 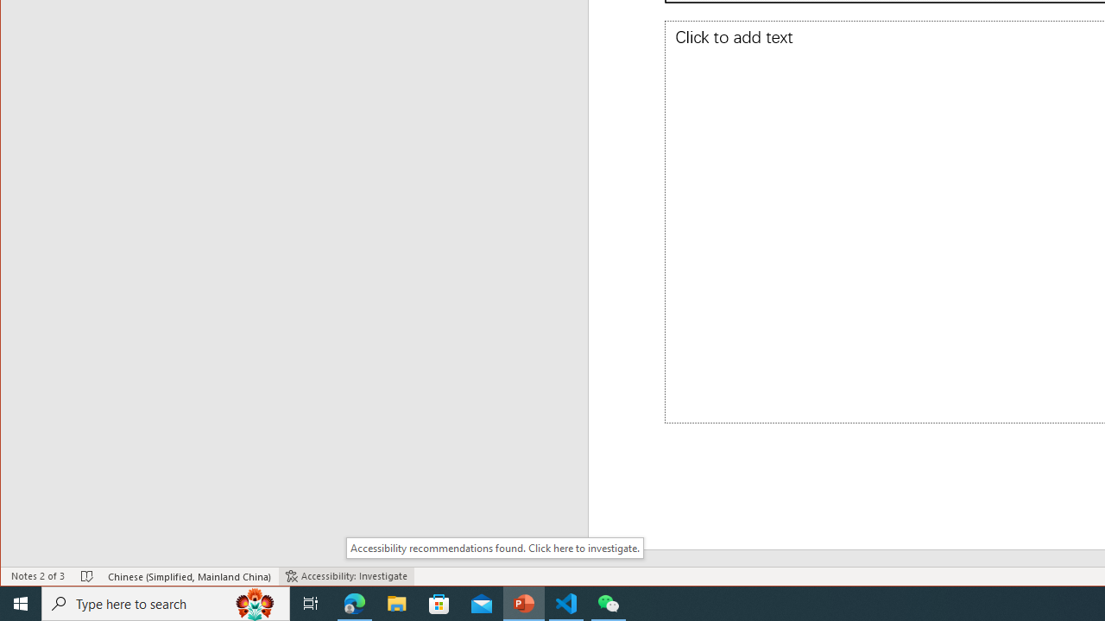 What do you see at coordinates (609, 602) in the screenshot?
I see `'WeChat - 1 running window'` at bounding box center [609, 602].